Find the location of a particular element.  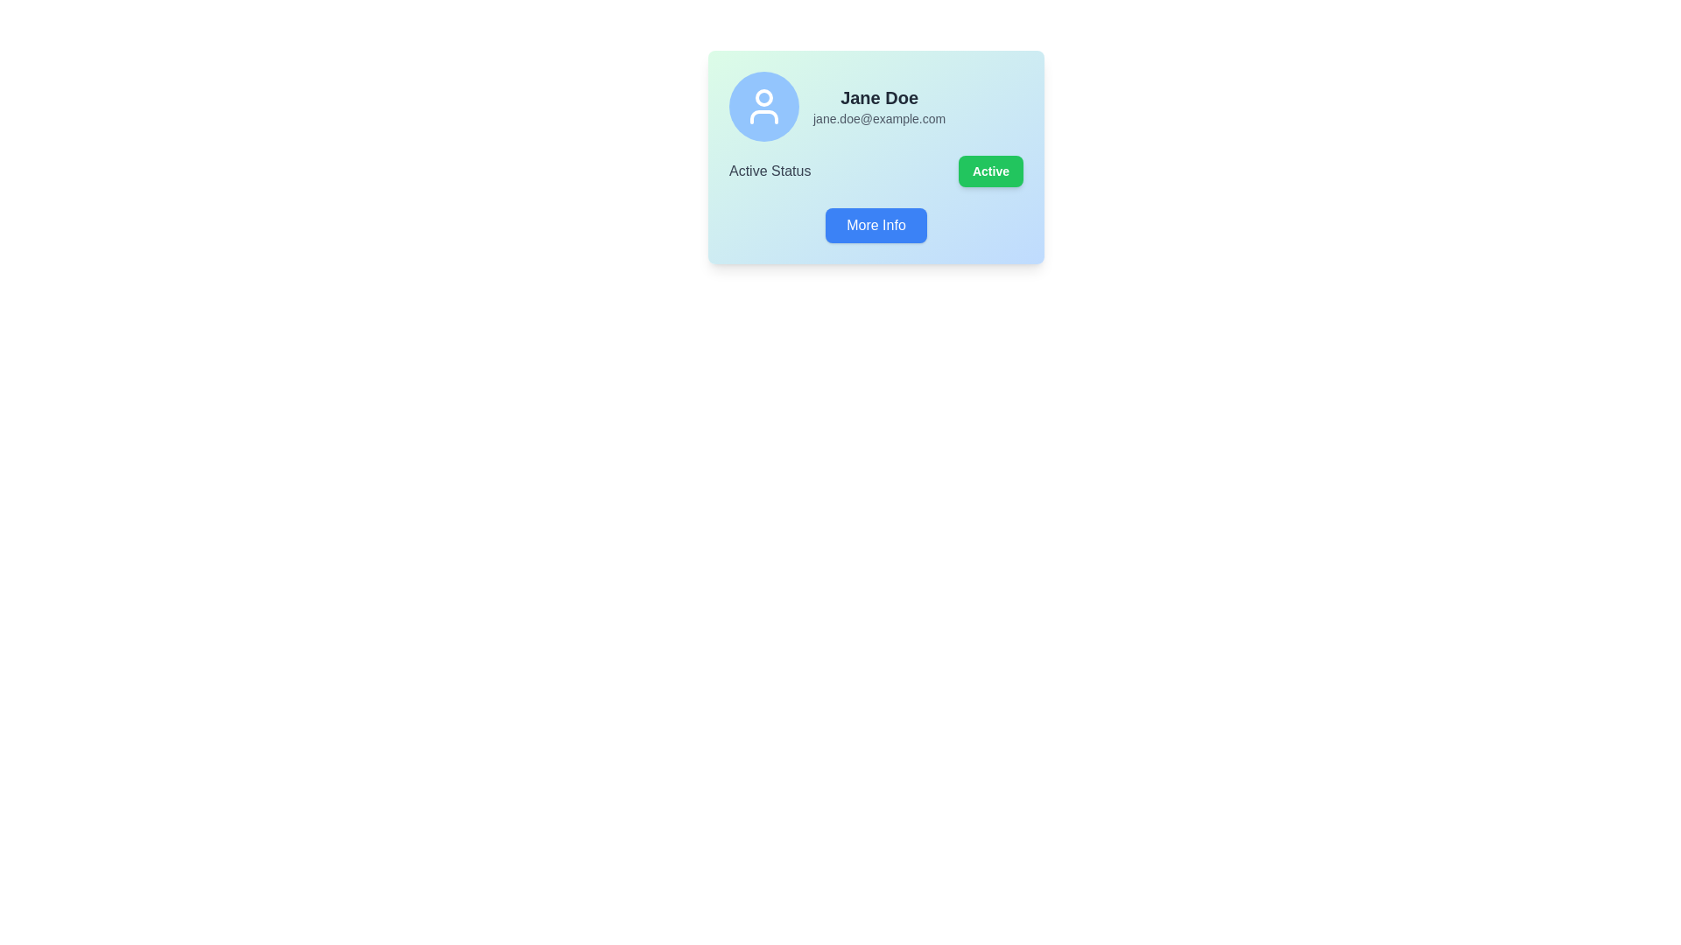

the text label displaying the user's name 'Jane Doe', located in the upper middle portion of the user information card is located at coordinates (879, 97).